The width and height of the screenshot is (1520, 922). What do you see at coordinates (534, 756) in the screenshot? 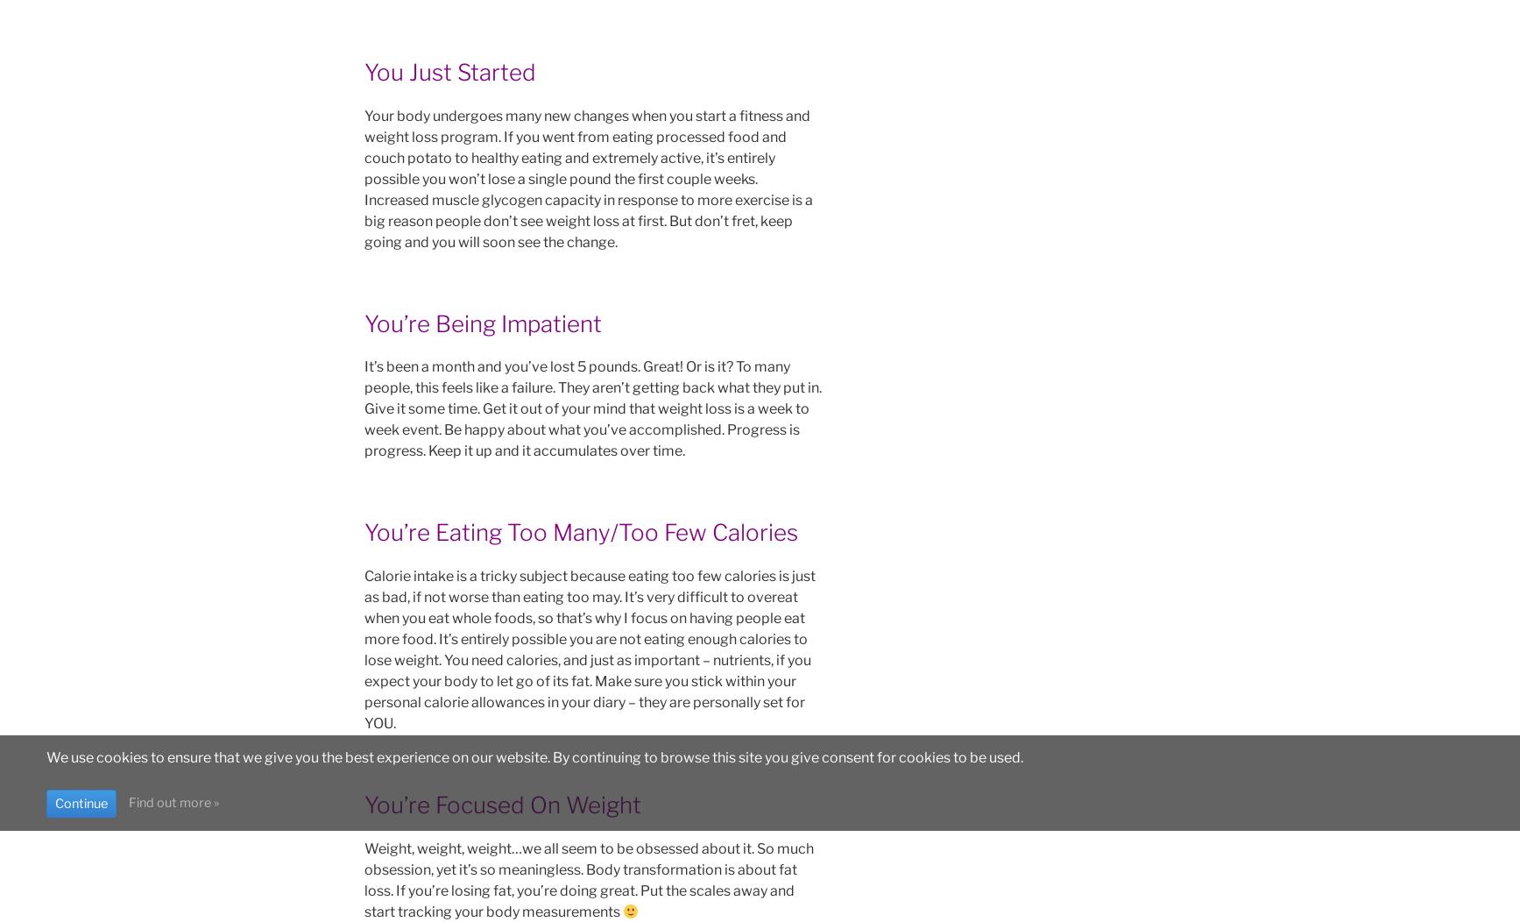
I see `'We use cookies to ensure that we give you the best experience on our website. By continuing to browse this site you give consent for cookies to be used.'` at bounding box center [534, 756].